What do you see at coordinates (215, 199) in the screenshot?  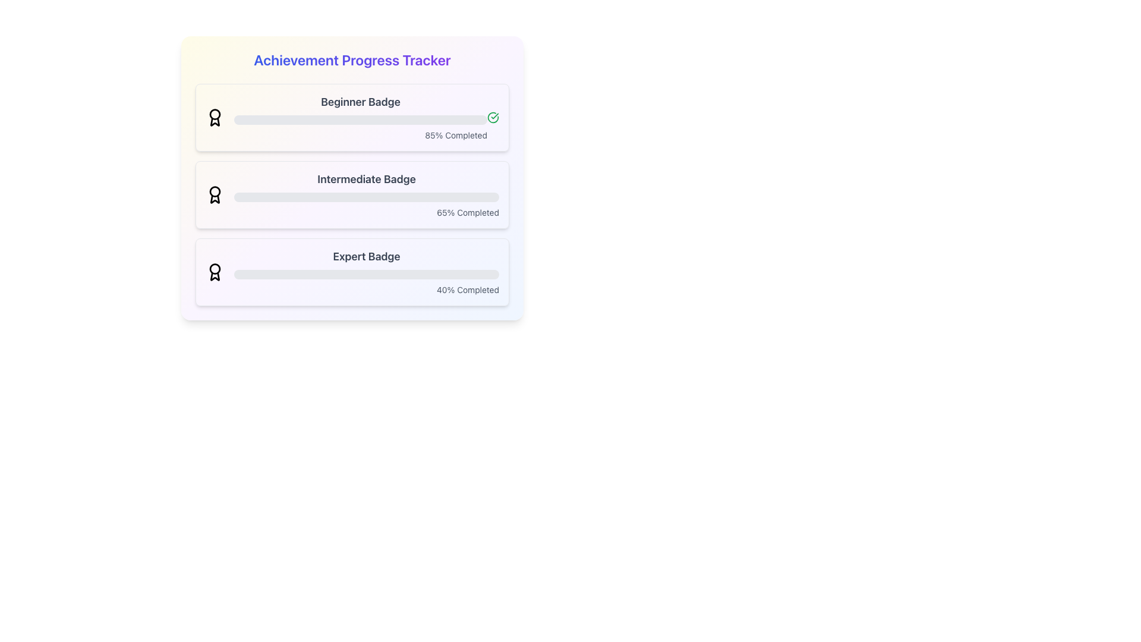 I see `the decorative Graphic icon representing the 'Intermediate Badge' achievement progress located in the second card section near the left edge of the card` at bounding box center [215, 199].